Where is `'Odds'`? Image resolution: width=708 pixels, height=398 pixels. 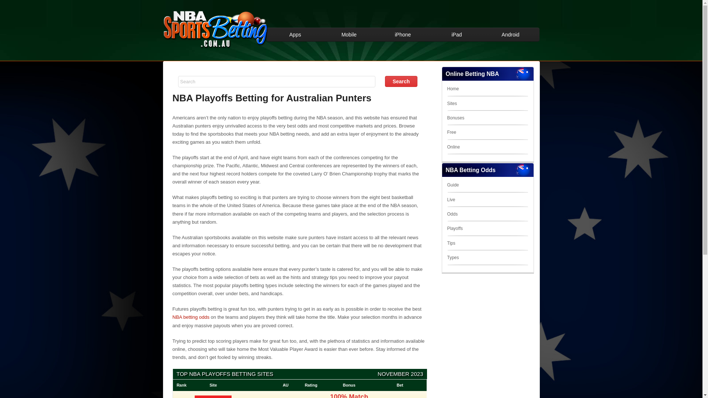 'Odds' is located at coordinates (452, 214).